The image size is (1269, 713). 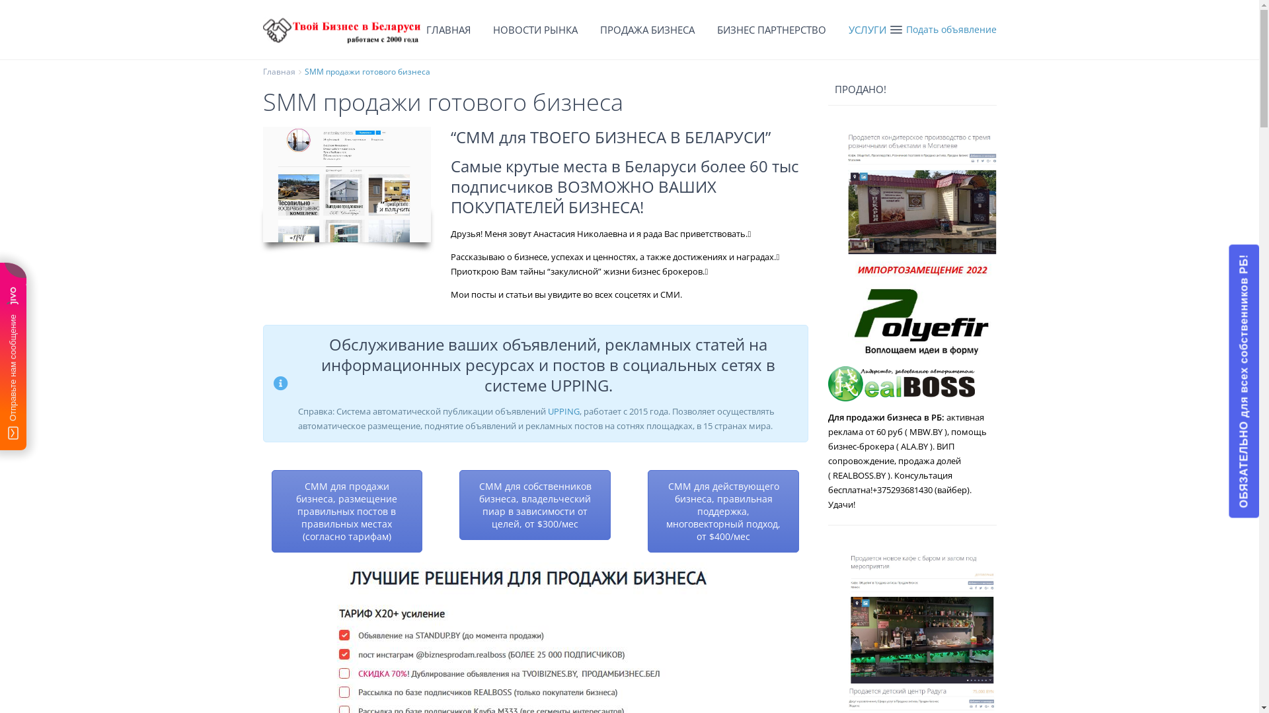 What do you see at coordinates (562, 411) in the screenshot?
I see `' UPPING'` at bounding box center [562, 411].